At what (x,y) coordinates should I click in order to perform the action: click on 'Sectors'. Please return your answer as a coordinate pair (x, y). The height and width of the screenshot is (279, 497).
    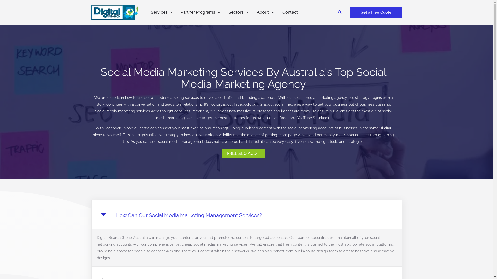
    Looking at the image, I should click on (238, 12).